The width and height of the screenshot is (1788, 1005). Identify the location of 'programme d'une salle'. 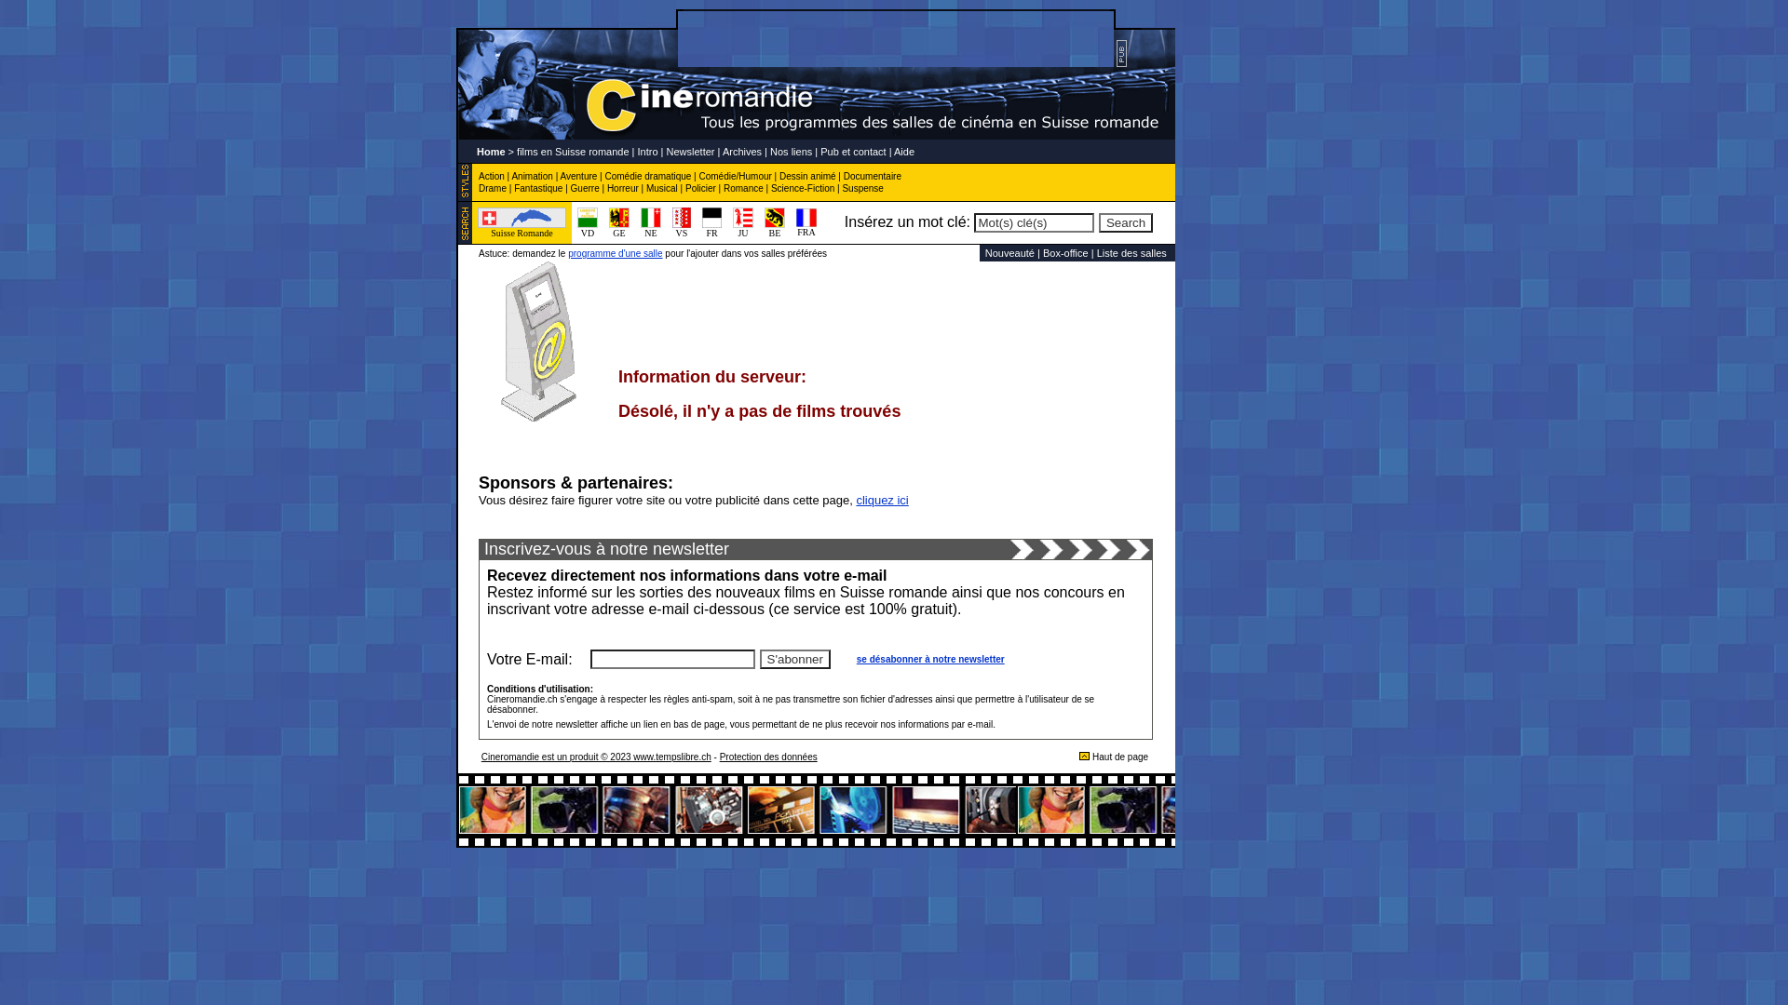
(615, 253).